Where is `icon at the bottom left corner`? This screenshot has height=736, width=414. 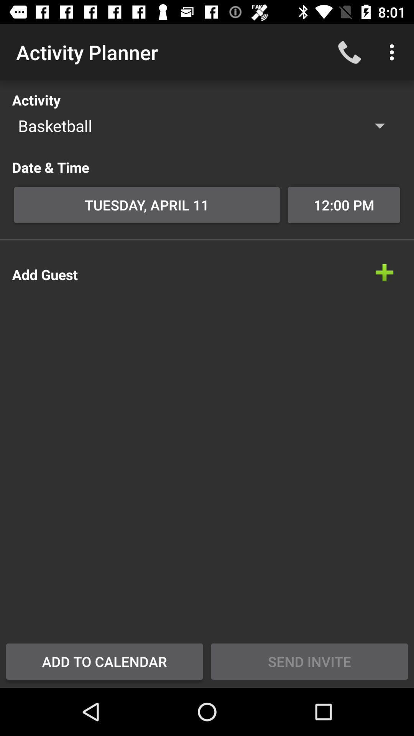 icon at the bottom left corner is located at coordinates (104, 661).